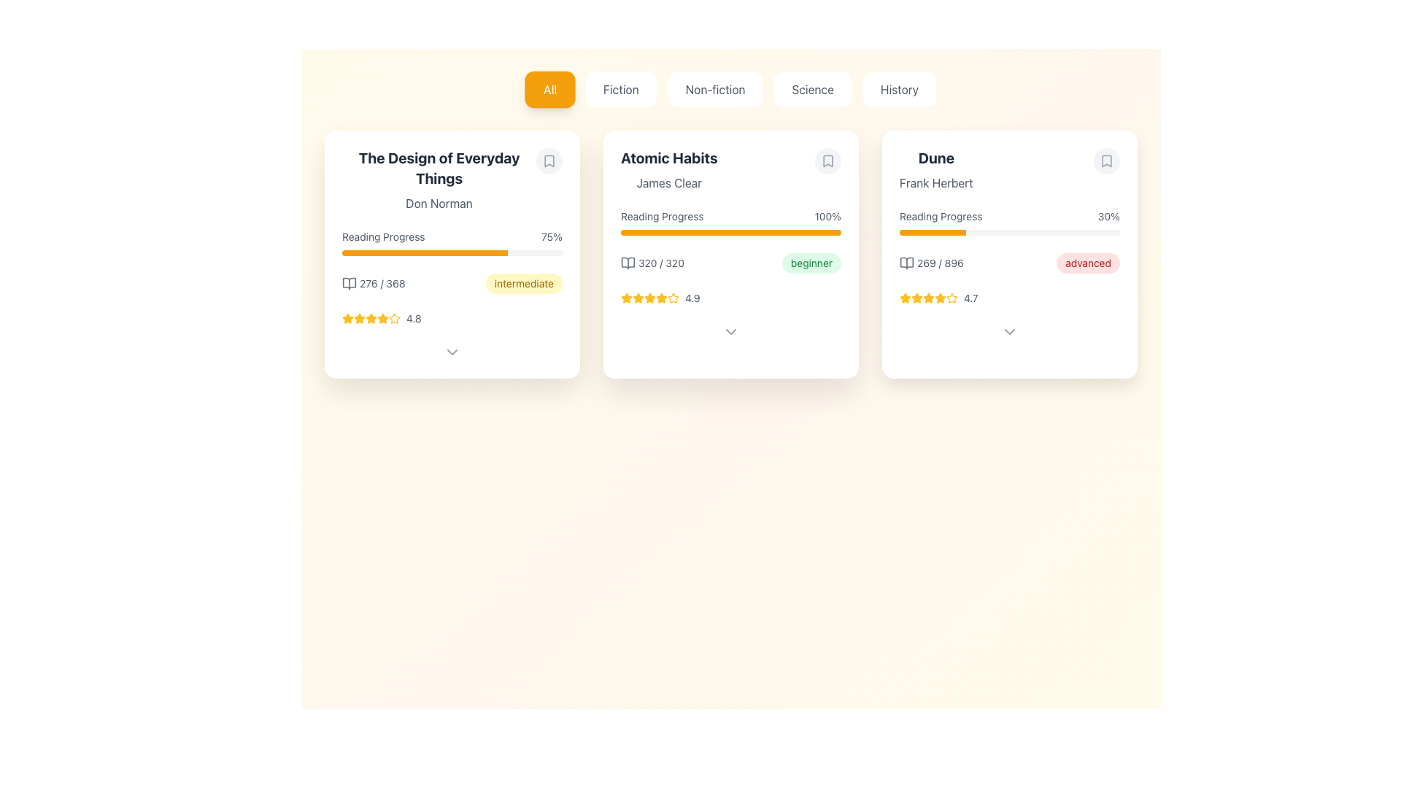 The height and width of the screenshot is (788, 1401). I want to click on the bookmark icon located in the upper right corner of the card titled 'Atomic Habits', so click(827, 161).